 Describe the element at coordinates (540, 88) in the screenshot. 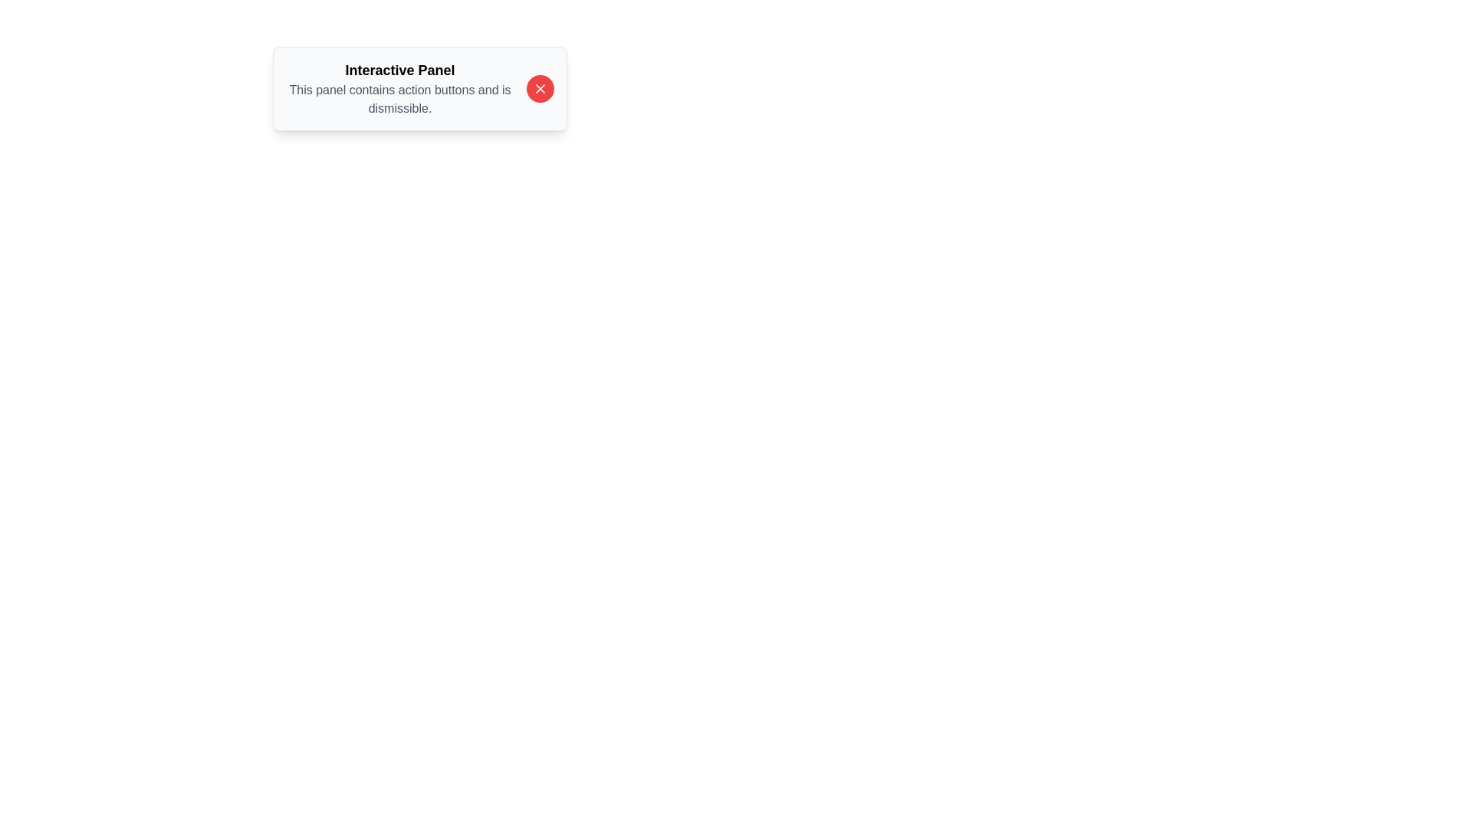

I see `the close button on the far right of the 'Interactive Panel' header` at that location.